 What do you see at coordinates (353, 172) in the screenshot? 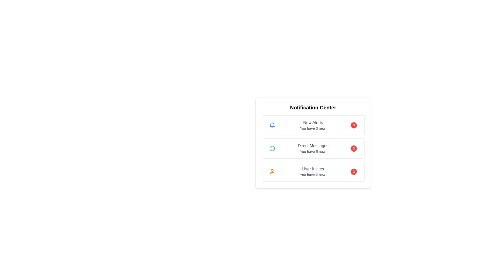
I see `the small circular badge displaying the number '2' with a red background adjacent to 'User Invites'` at bounding box center [353, 172].